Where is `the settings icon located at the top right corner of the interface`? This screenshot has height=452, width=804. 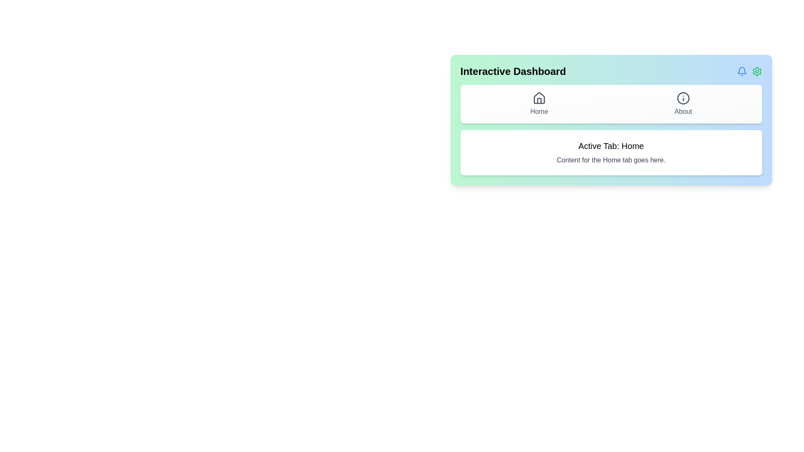 the settings icon located at the top right corner of the interface is located at coordinates (757, 71).